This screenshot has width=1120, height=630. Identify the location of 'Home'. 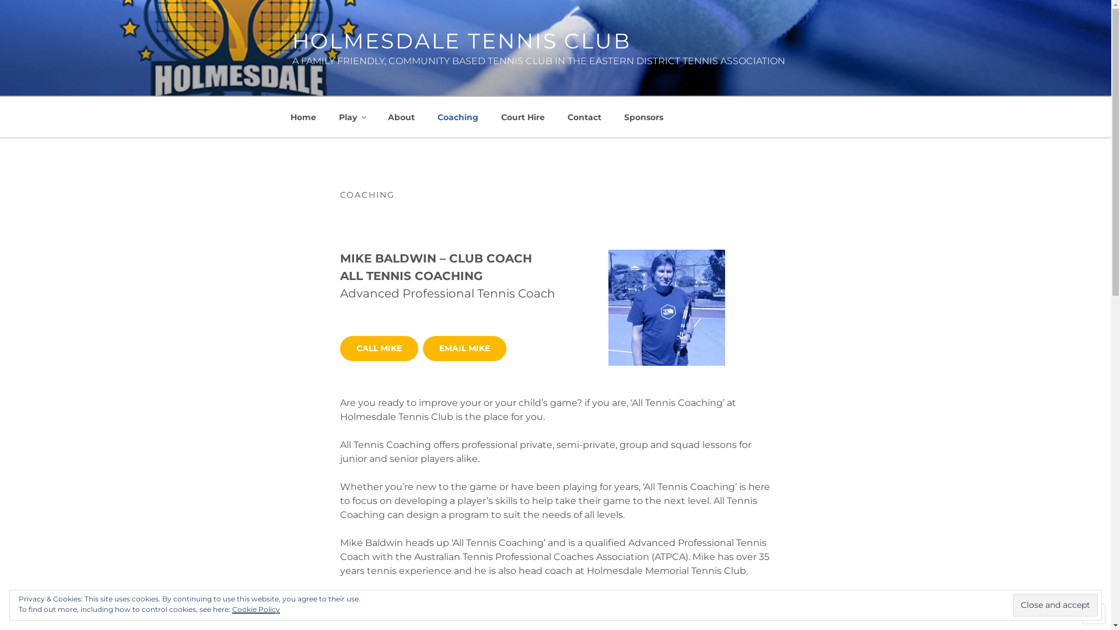
(280, 117).